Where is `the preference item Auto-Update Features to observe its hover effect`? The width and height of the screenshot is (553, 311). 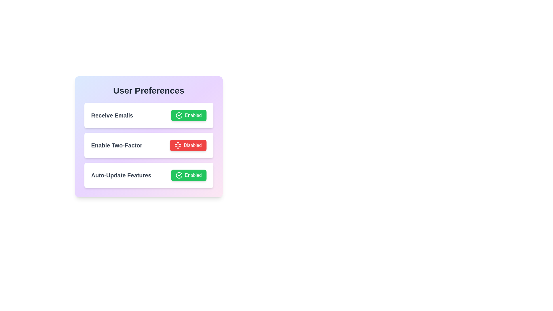 the preference item Auto-Update Features to observe its hover effect is located at coordinates (149, 175).